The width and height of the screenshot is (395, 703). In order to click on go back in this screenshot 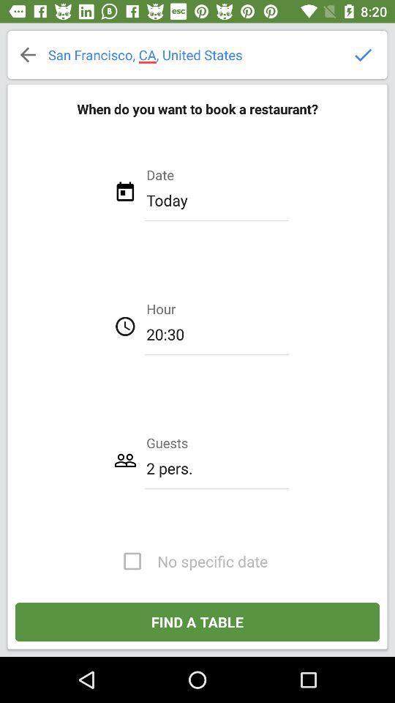, I will do `click(28, 54)`.